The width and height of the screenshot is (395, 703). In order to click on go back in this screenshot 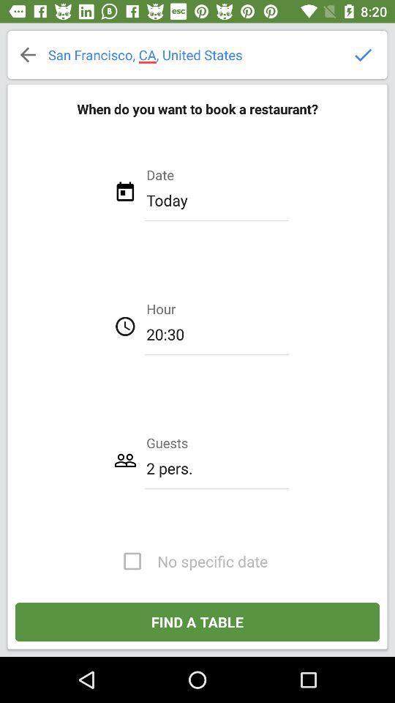, I will do `click(28, 54)`.